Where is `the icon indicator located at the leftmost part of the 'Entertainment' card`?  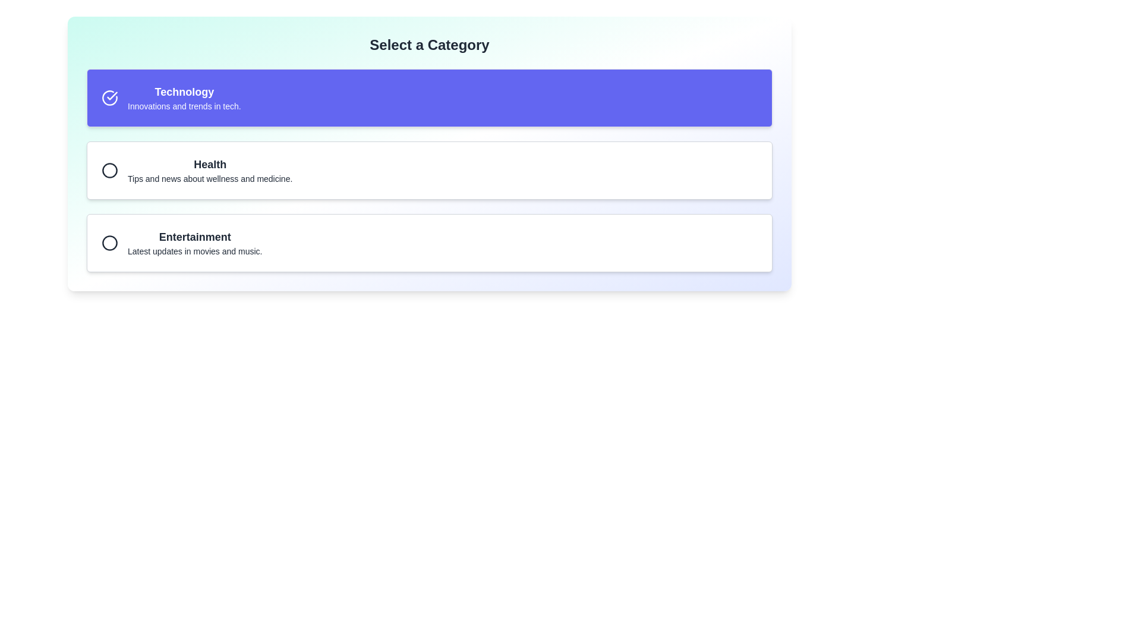 the icon indicator located at the leftmost part of the 'Entertainment' card is located at coordinates (110, 242).